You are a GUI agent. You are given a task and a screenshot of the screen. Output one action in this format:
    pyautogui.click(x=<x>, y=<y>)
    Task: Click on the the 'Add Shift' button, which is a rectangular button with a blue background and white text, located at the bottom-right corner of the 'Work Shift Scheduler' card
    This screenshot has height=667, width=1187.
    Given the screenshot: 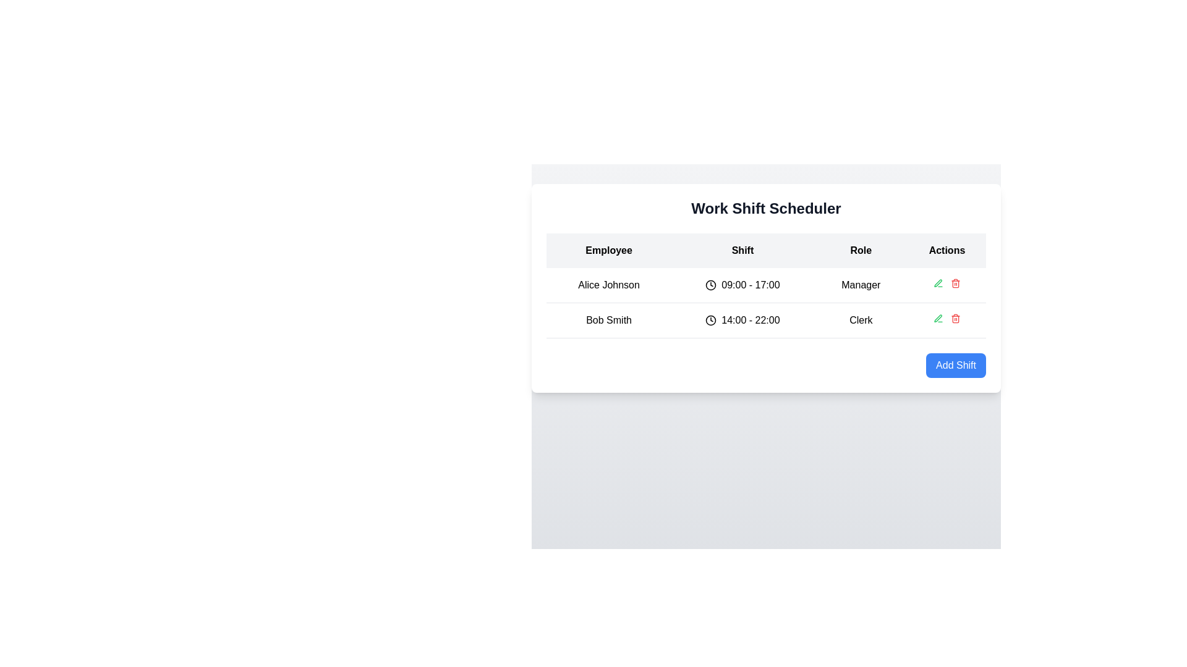 What is the action you would take?
    pyautogui.click(x=955, y=364)
    